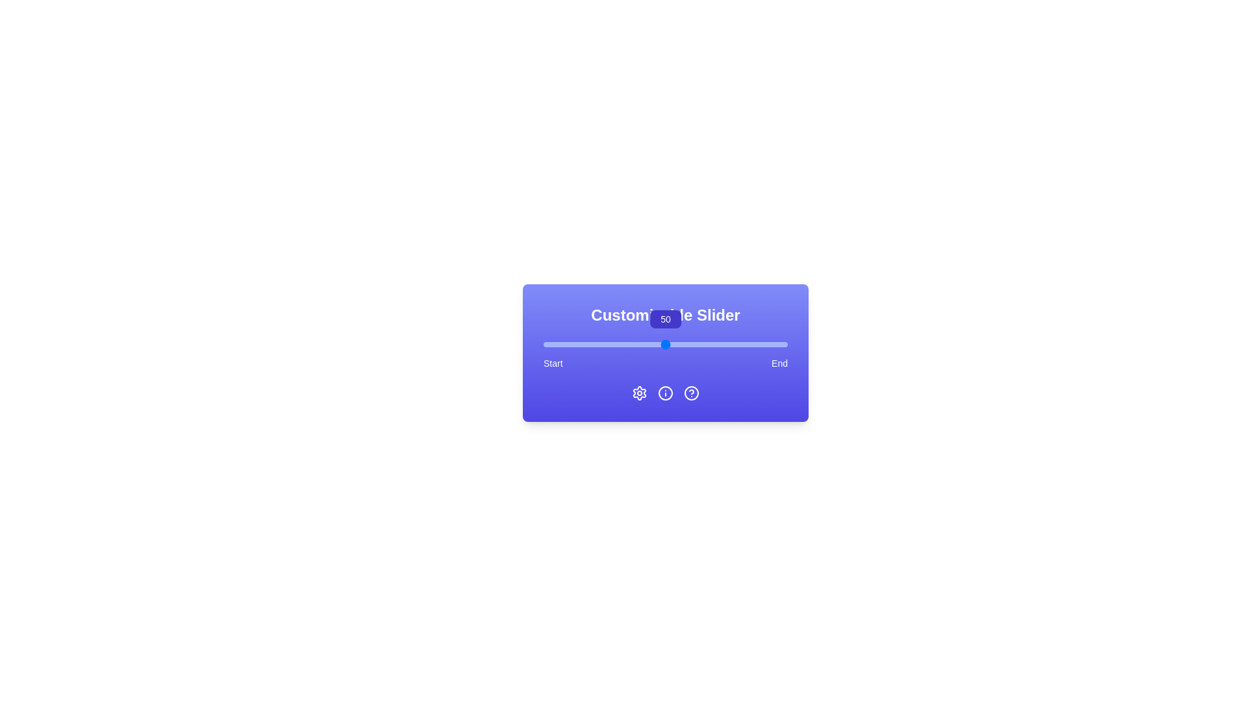 The height and width of the screenshot is (701, 1247). I want to click on the slider to set the value to 29, so click(613, 344).